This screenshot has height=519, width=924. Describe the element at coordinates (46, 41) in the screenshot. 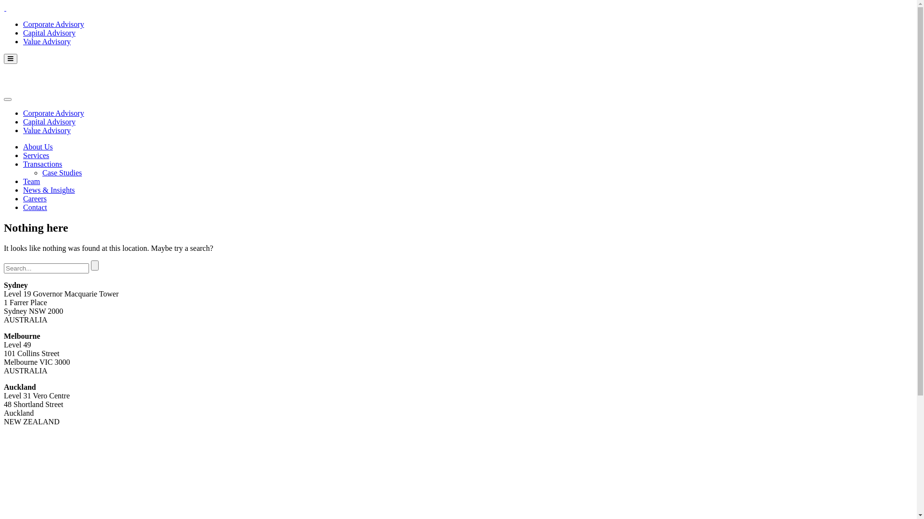

I see `'Value Advisory'` at that location.